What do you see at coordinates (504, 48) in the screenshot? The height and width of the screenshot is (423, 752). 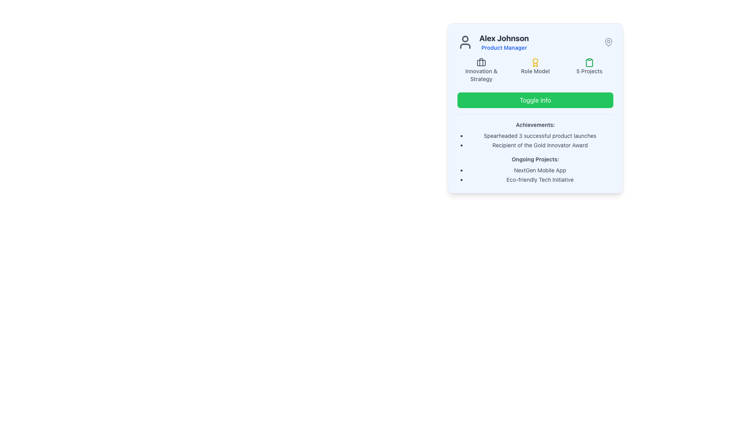 I see `the text label displaying the job title or professional role of 'Alex Johnson' located in the upper-left section of the profile card interface` at bounding box center [504, 48].